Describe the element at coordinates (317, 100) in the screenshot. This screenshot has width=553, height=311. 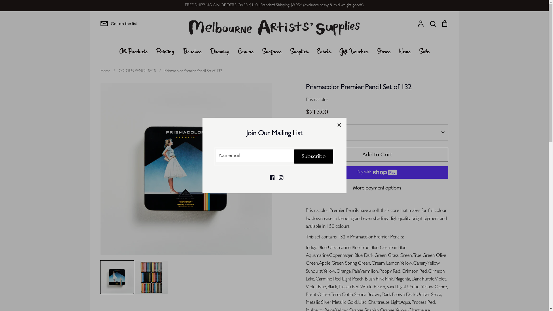
I see `'Prismacolor'` at that location.